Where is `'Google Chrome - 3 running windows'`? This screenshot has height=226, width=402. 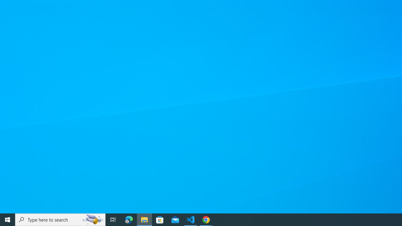 'Google Chrome - 3 running windows' is located at coordinates (206, 219).